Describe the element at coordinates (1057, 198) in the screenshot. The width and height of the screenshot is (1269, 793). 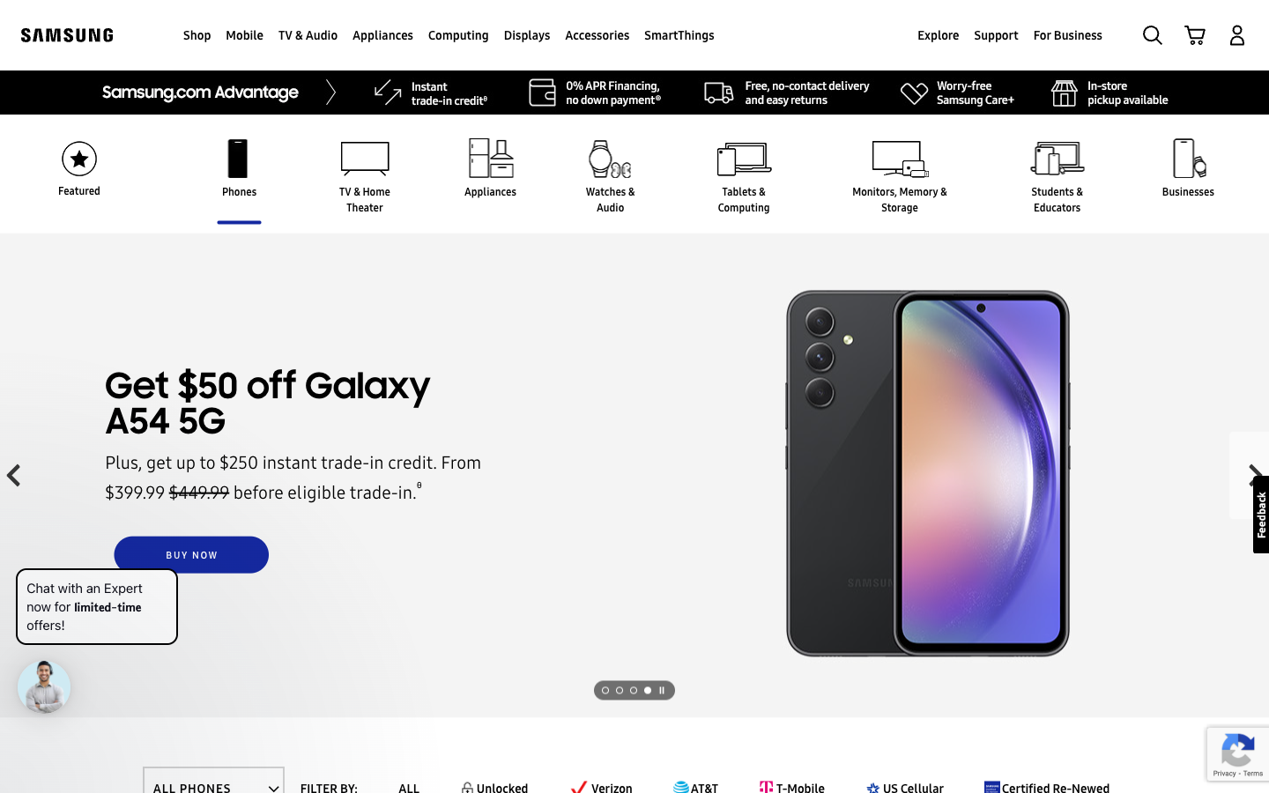
I see `the page designated for Student and Educator products` at that location.